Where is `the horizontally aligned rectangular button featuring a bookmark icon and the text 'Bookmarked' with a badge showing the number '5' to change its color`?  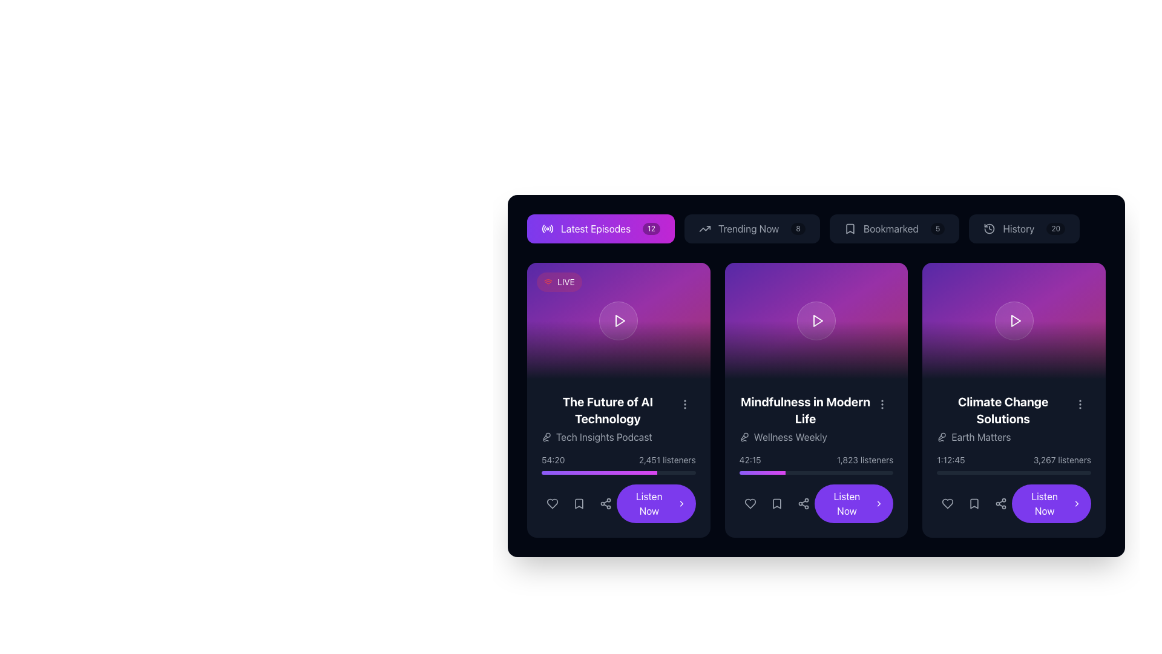 the horizontally aligned rectangular button featuring a bookmark icon and the text 'Bookmarked' with a badge showing the number '5' to change its color is located at coordinates (894, 229).